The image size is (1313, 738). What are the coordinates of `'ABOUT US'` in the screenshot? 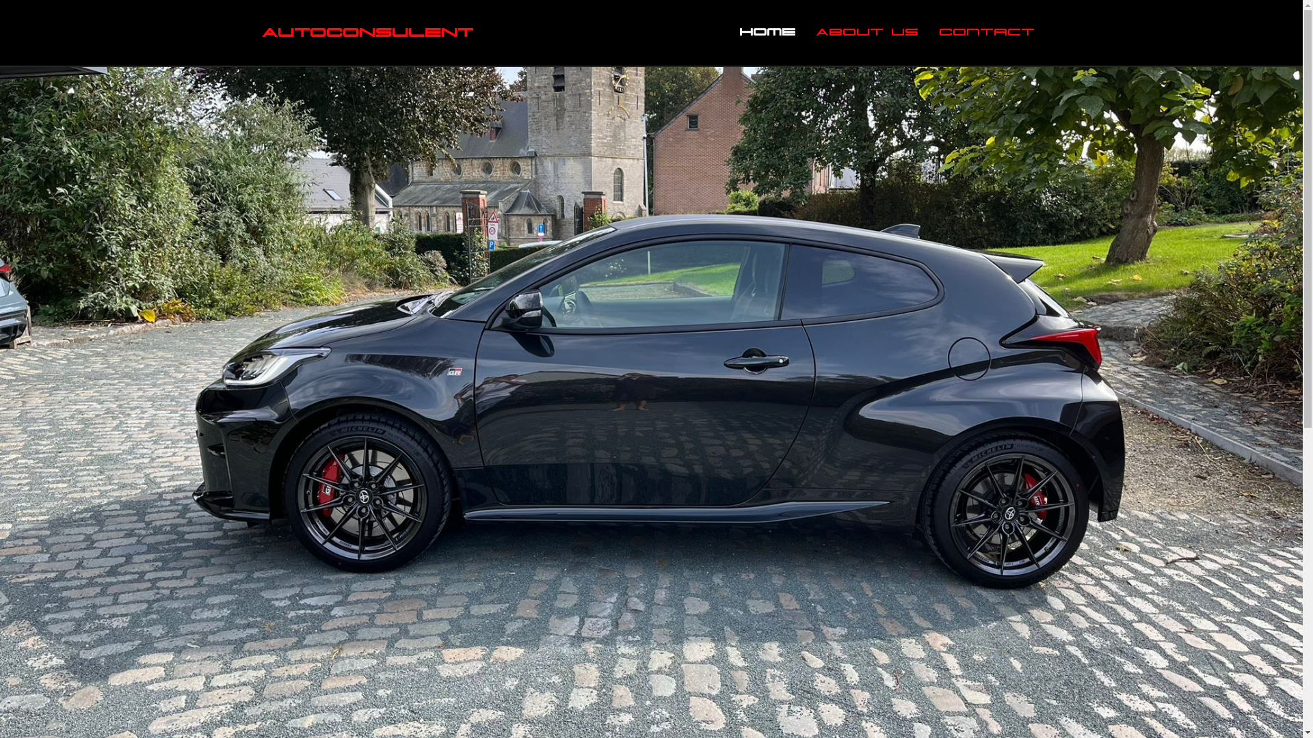 It's located at (866, 31).